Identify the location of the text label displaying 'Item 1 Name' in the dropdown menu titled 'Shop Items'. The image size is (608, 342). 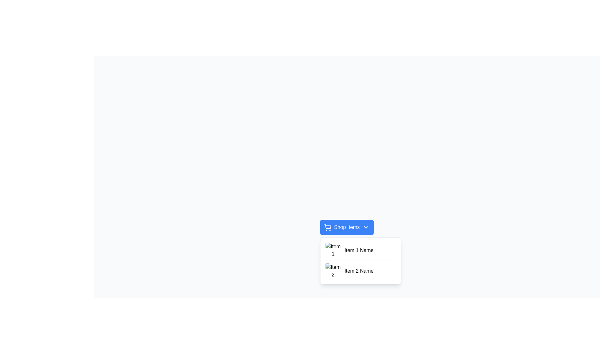
(359, 250).